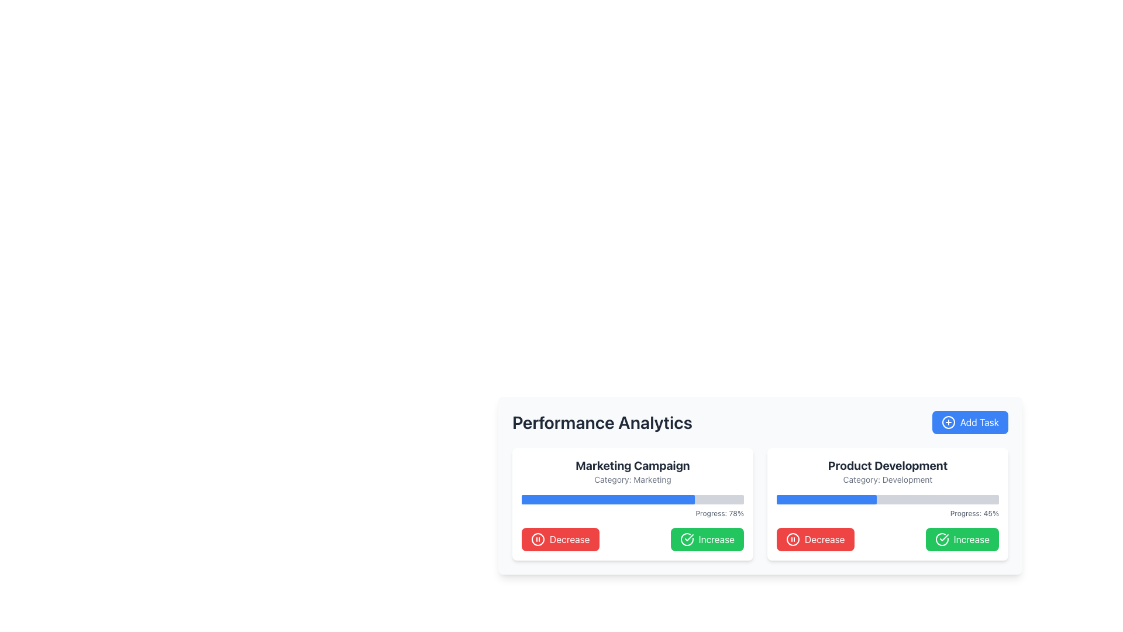 The height and width of the screenshot is (632, 1123). What do you see at coordinates (948, 422) in the screenshot?
I see `the 'Add Task' button icon located in the top-right corner of the 'Performance Analytics' section` at bounding box center [948, 422].